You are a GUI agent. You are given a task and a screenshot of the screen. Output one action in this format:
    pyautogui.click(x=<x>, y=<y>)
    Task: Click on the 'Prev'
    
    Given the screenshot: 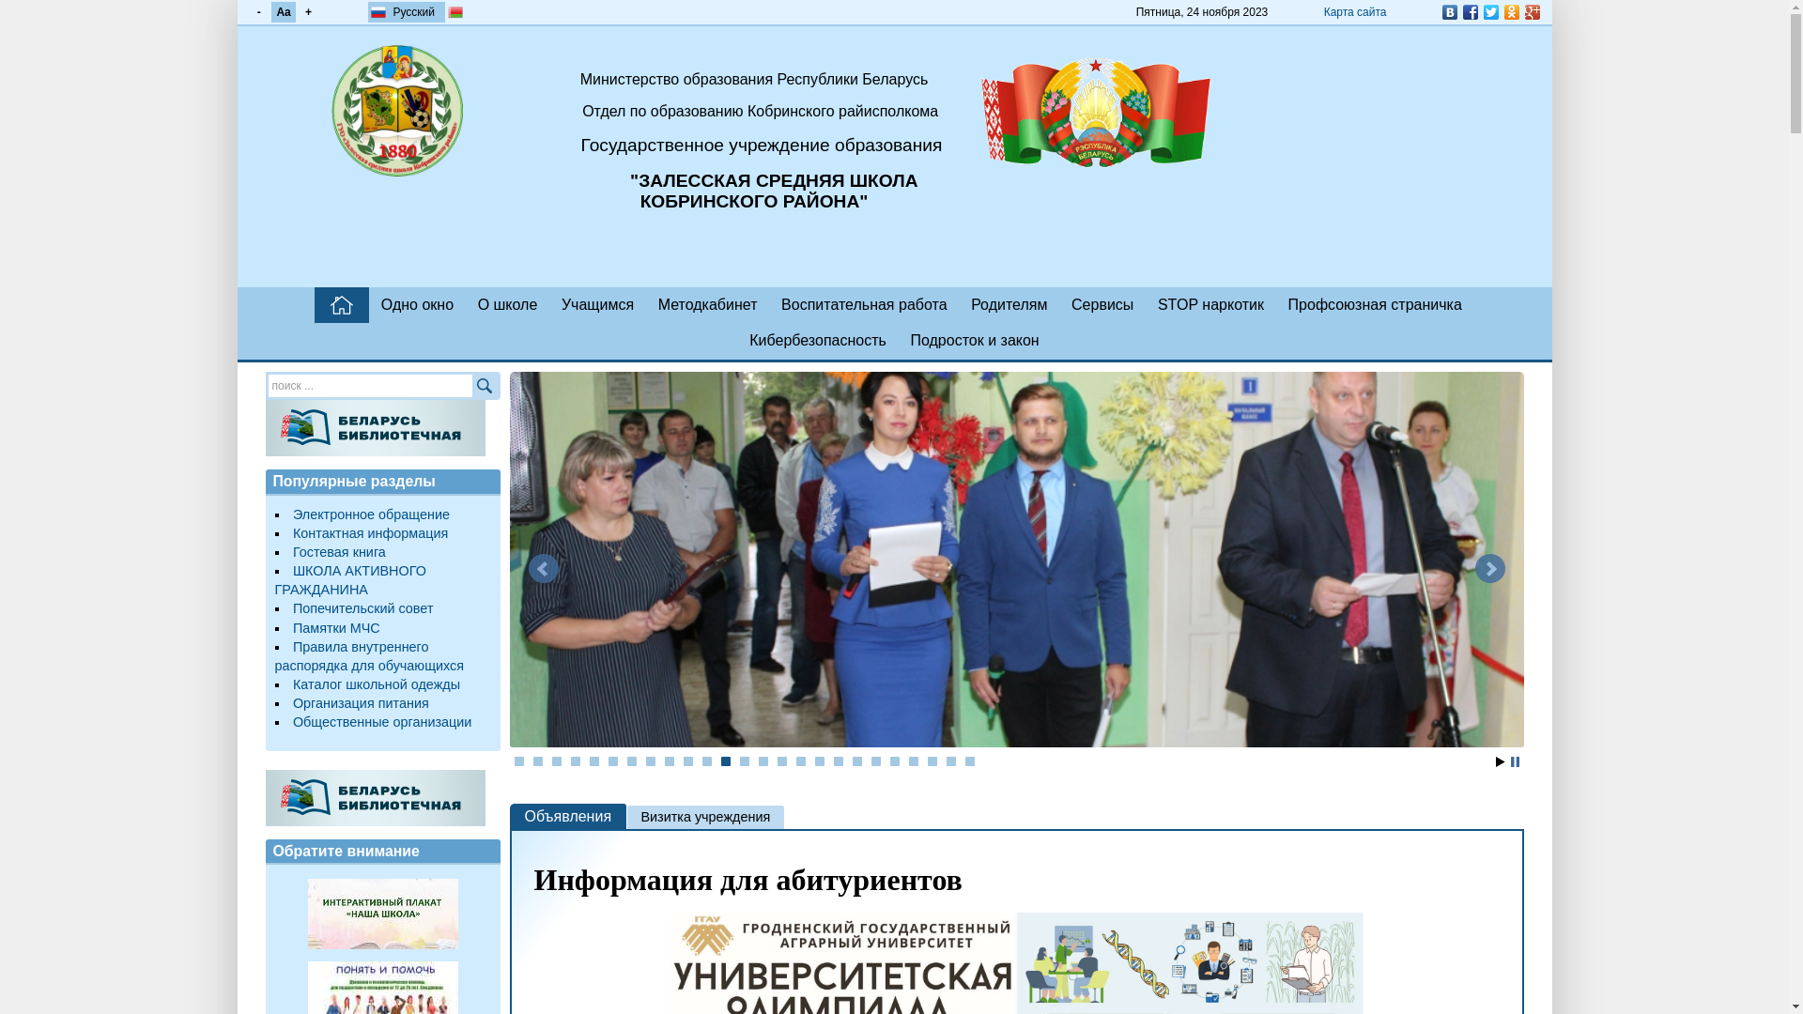 What is the action you would take?
    pyautogui.click(x=526, y=567)
    